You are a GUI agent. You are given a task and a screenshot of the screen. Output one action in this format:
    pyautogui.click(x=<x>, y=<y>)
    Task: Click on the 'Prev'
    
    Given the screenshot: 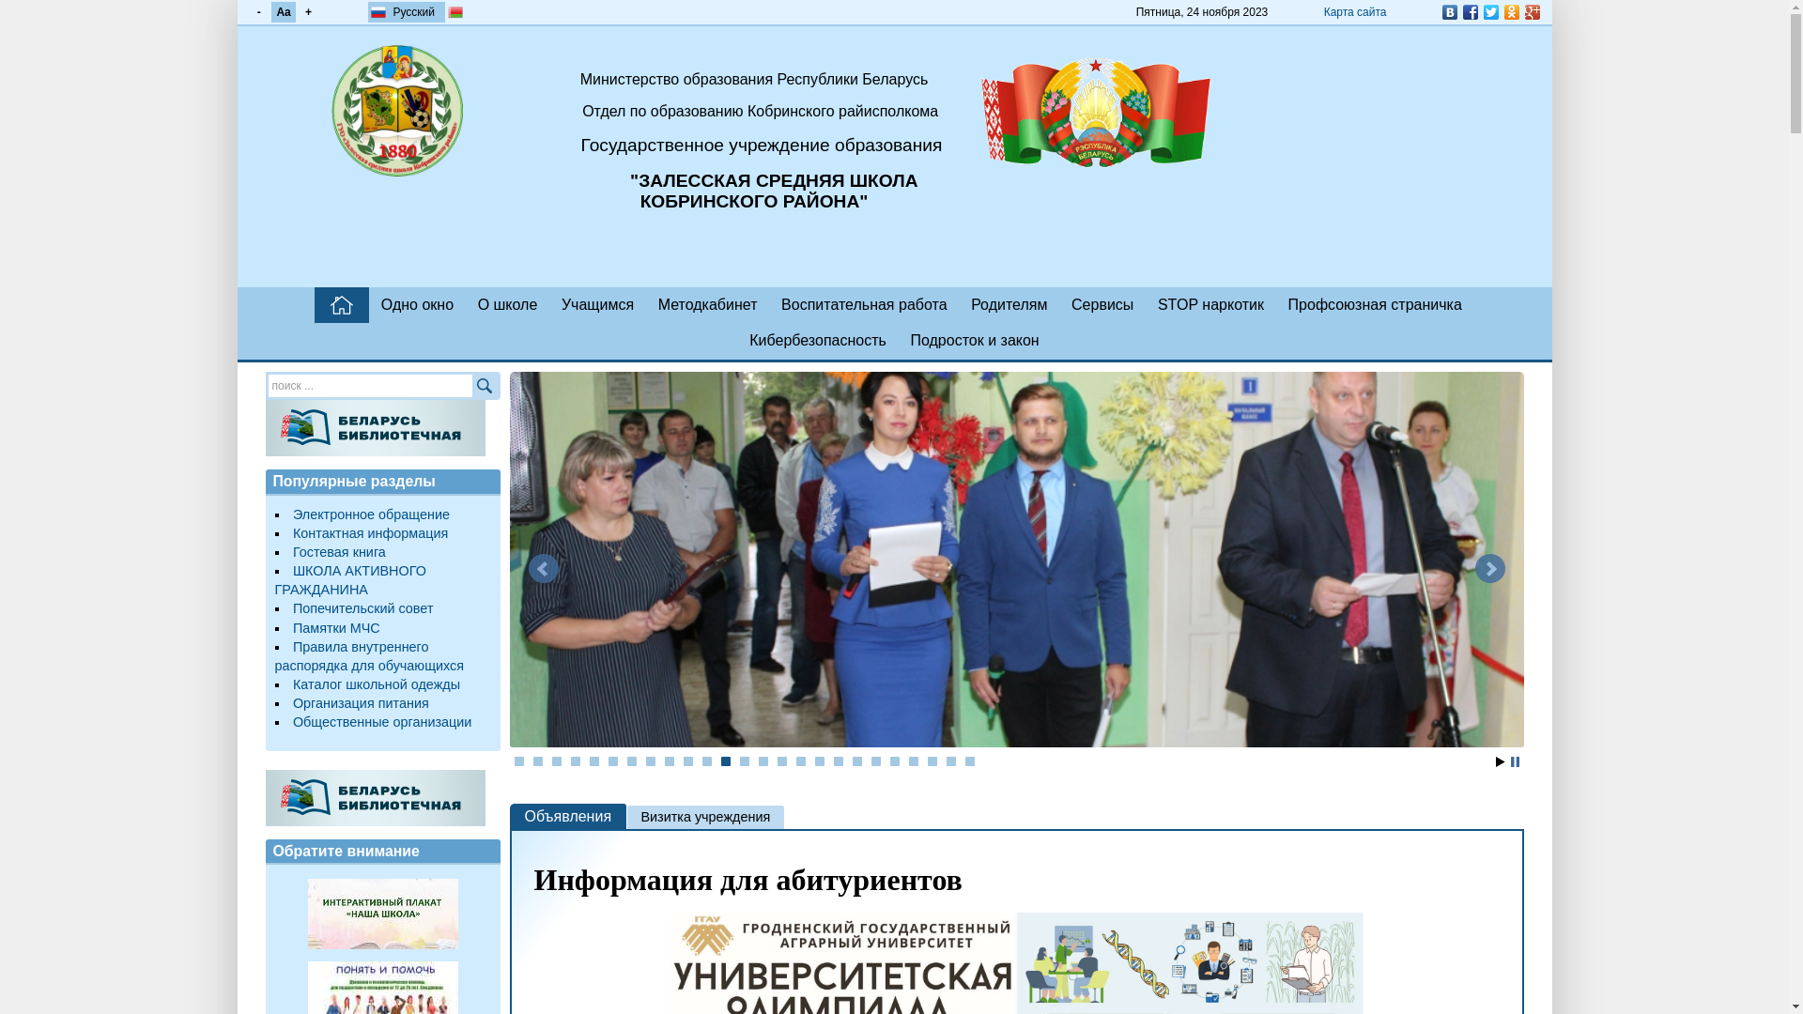 What is the action you would take?
    pyautogui.click(x=526, y=567)
    